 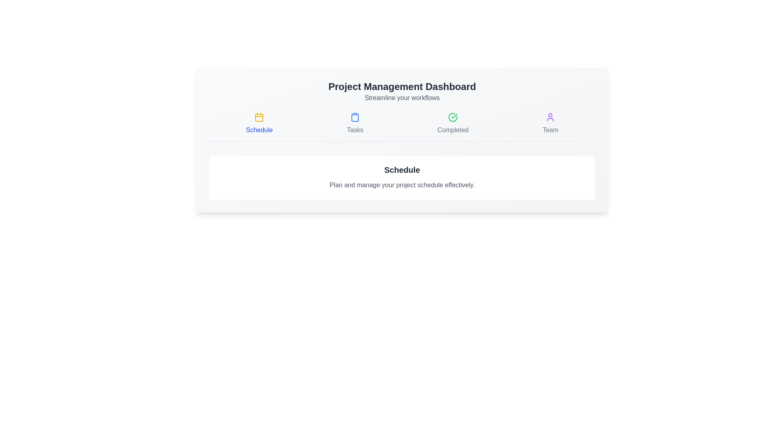 What do you see at coordinates (259, 124) in the screenshot?
I see `the tab icon corresponding to Schedule` at bounding box center [259, 124].